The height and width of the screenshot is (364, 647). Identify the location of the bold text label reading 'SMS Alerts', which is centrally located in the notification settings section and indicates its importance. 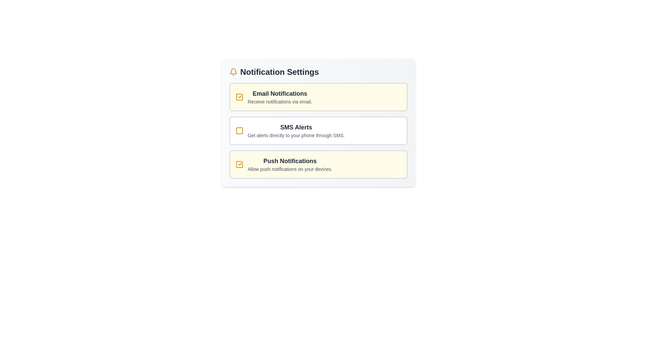
(296, 127).